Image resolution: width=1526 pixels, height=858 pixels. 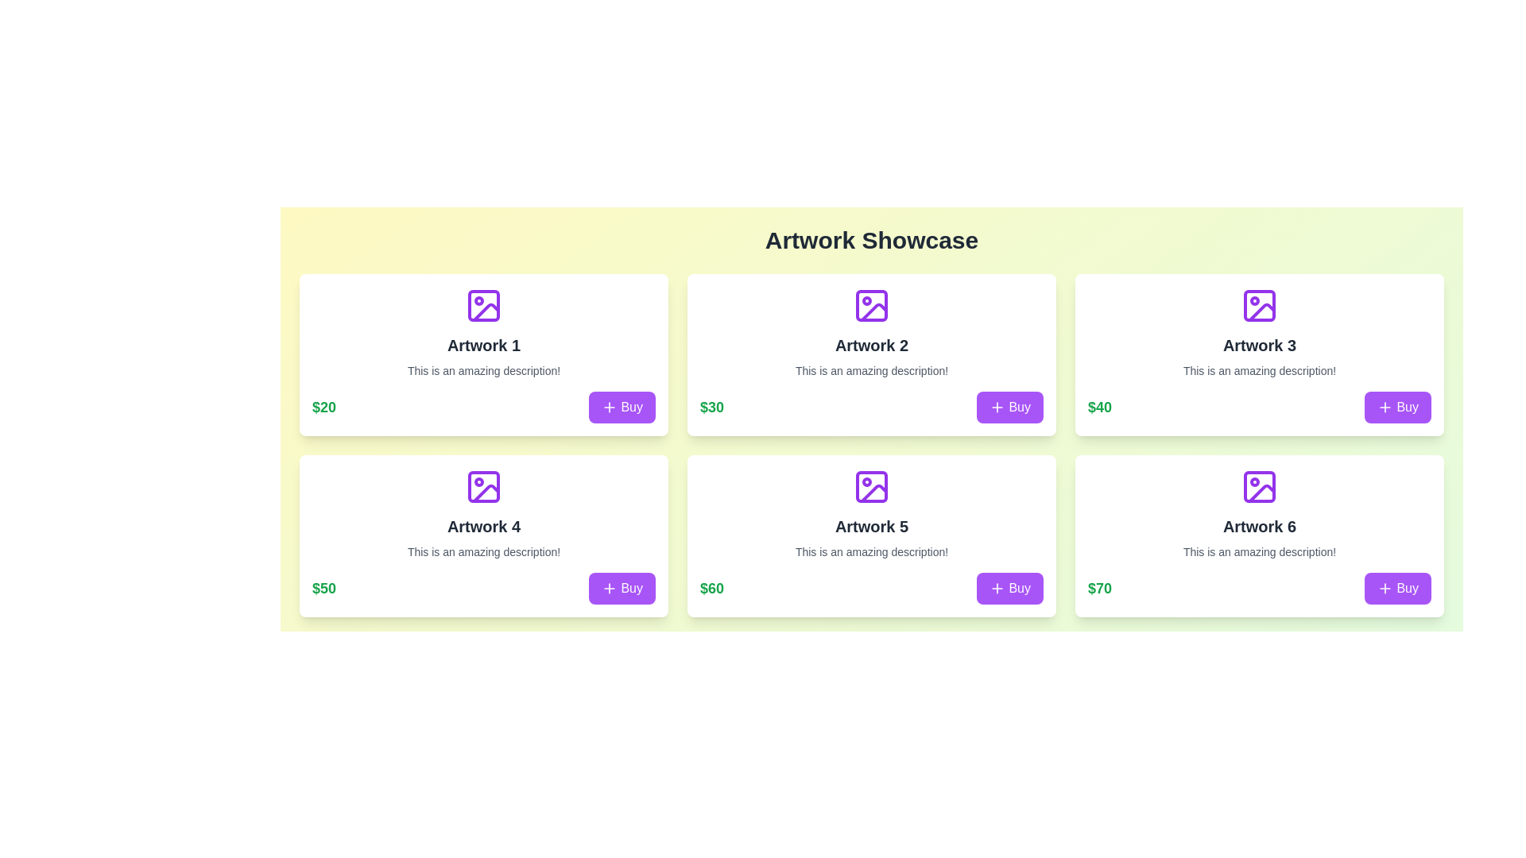 What do you see at coordinates (483, 345) in the screenshot?
I see `the 'Artwork 1' text label located in the top-left corner of the first card in the grid layout for potential navigation or interaction` at bounding box center [483, 345].